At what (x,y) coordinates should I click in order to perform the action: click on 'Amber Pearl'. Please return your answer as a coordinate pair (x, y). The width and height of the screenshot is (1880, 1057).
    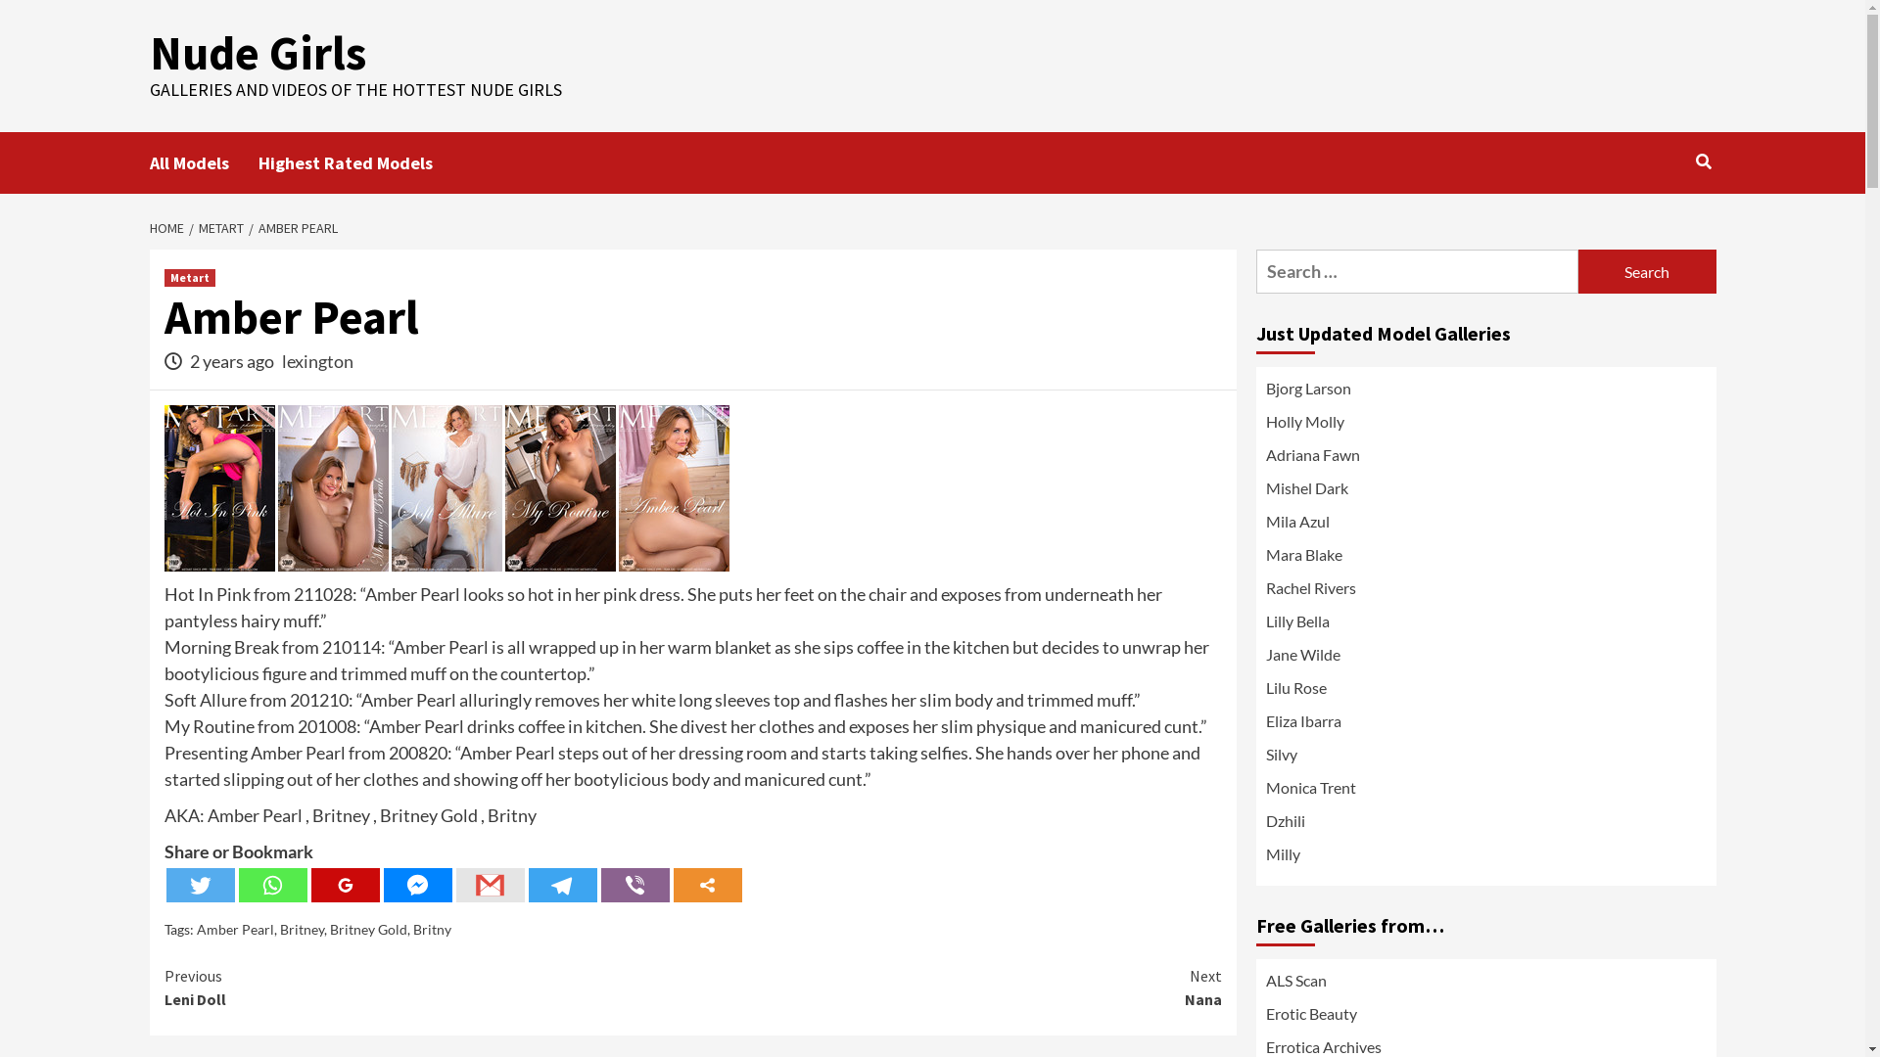
    Looking at the image, I should click on (234, 928).